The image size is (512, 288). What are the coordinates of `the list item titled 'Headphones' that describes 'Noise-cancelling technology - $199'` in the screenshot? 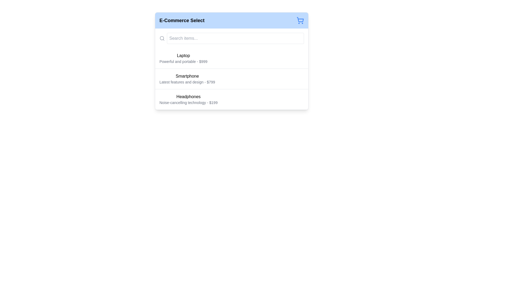 It's located at (231, 99).